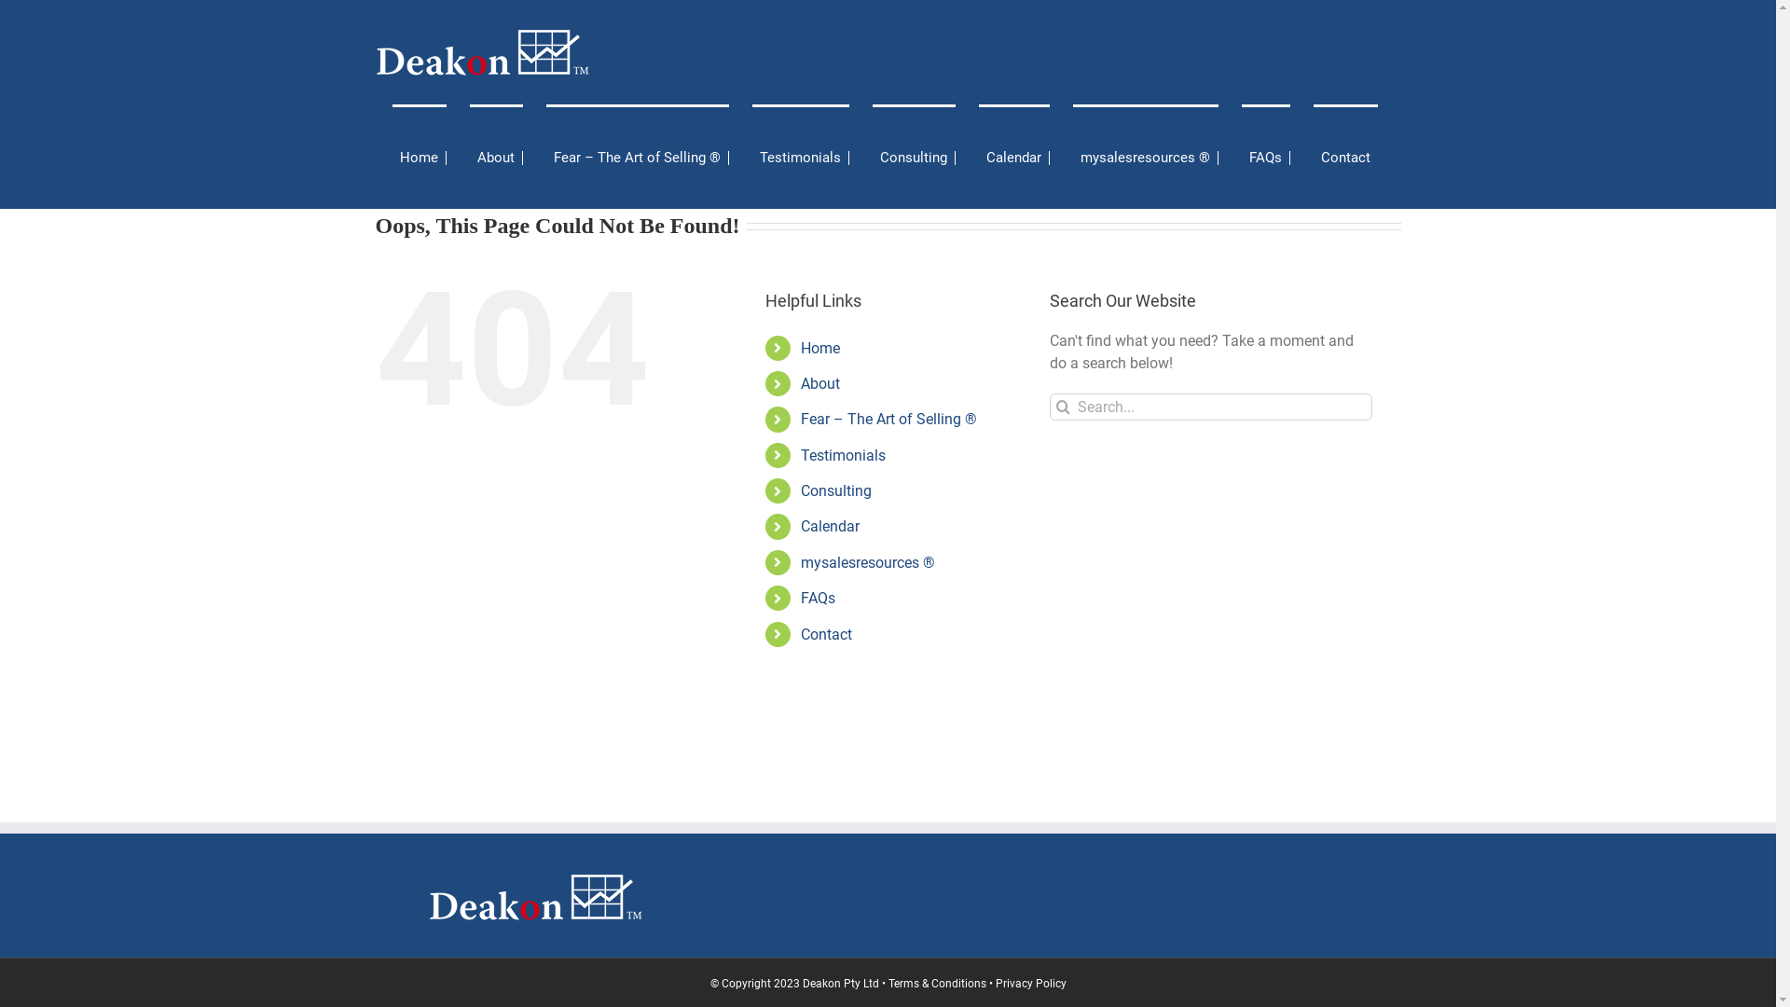 This screenshot has height=1007, width=1790. I want to click on 'Terms & Conditions', so click(886, 983).